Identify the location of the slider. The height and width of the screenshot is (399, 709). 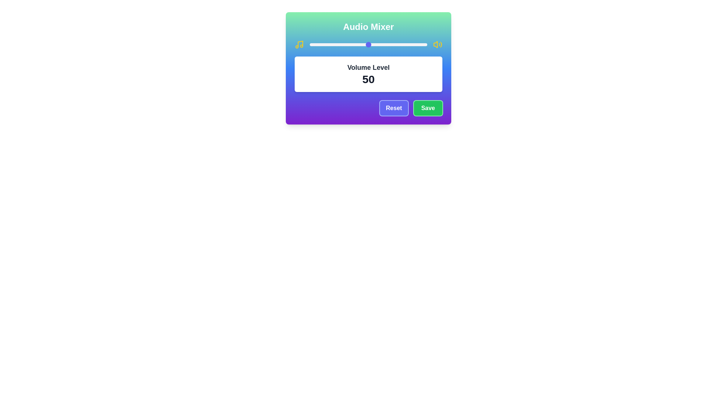
(397, 44).